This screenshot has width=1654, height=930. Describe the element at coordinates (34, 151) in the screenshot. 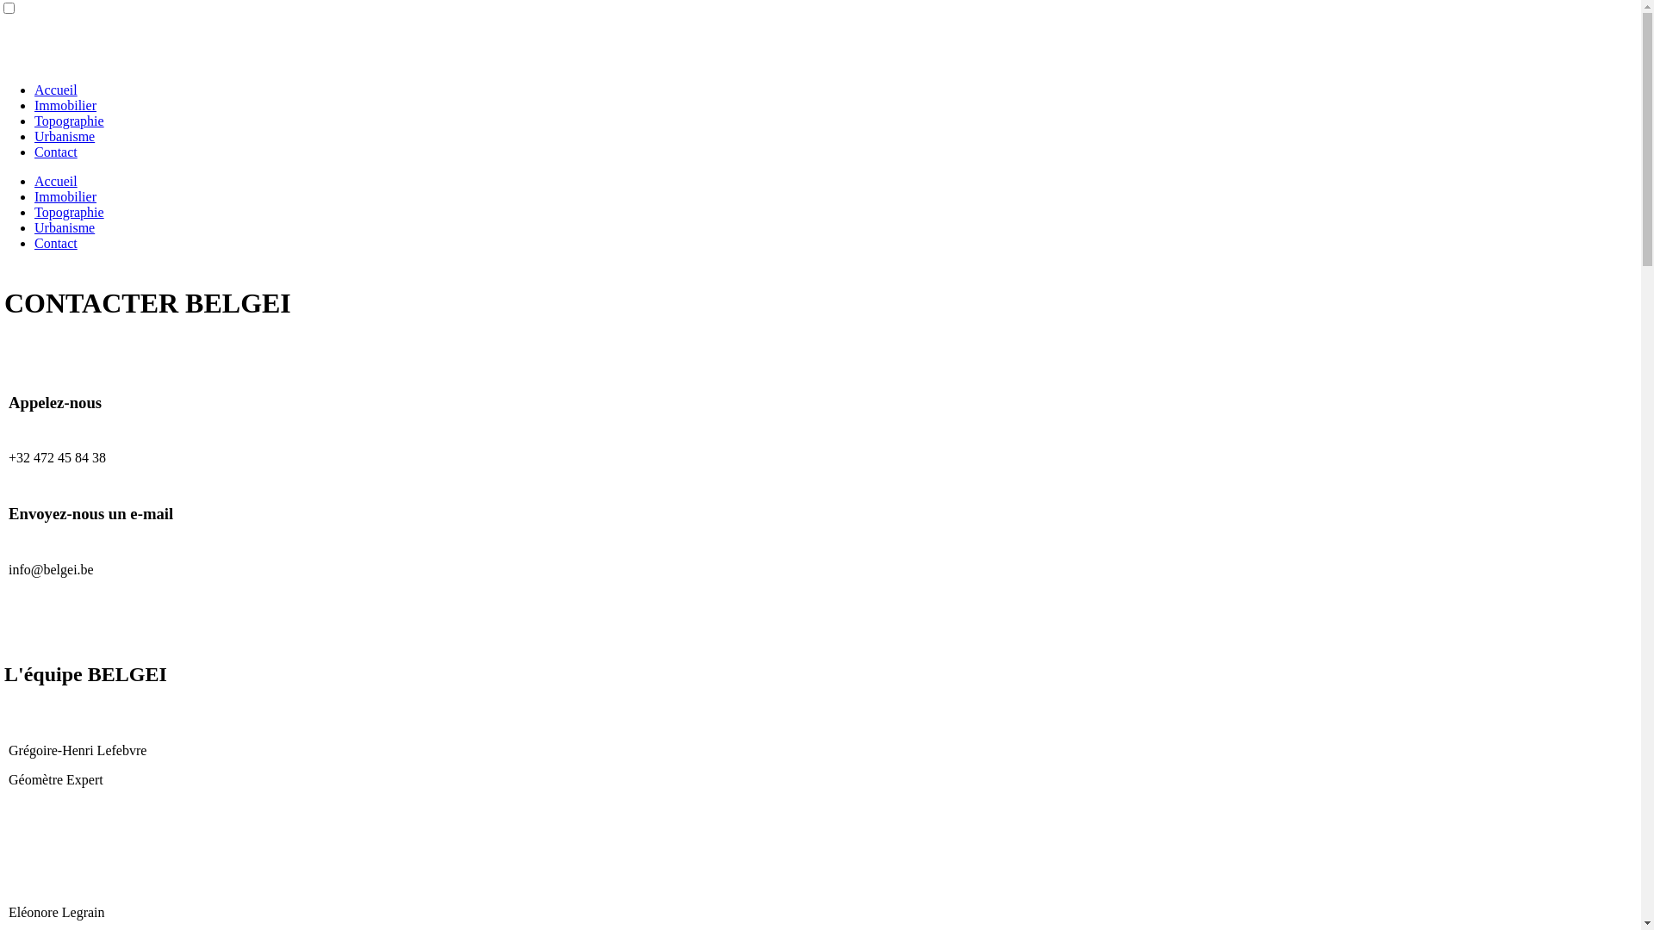

I see `'Contact'` at that location.